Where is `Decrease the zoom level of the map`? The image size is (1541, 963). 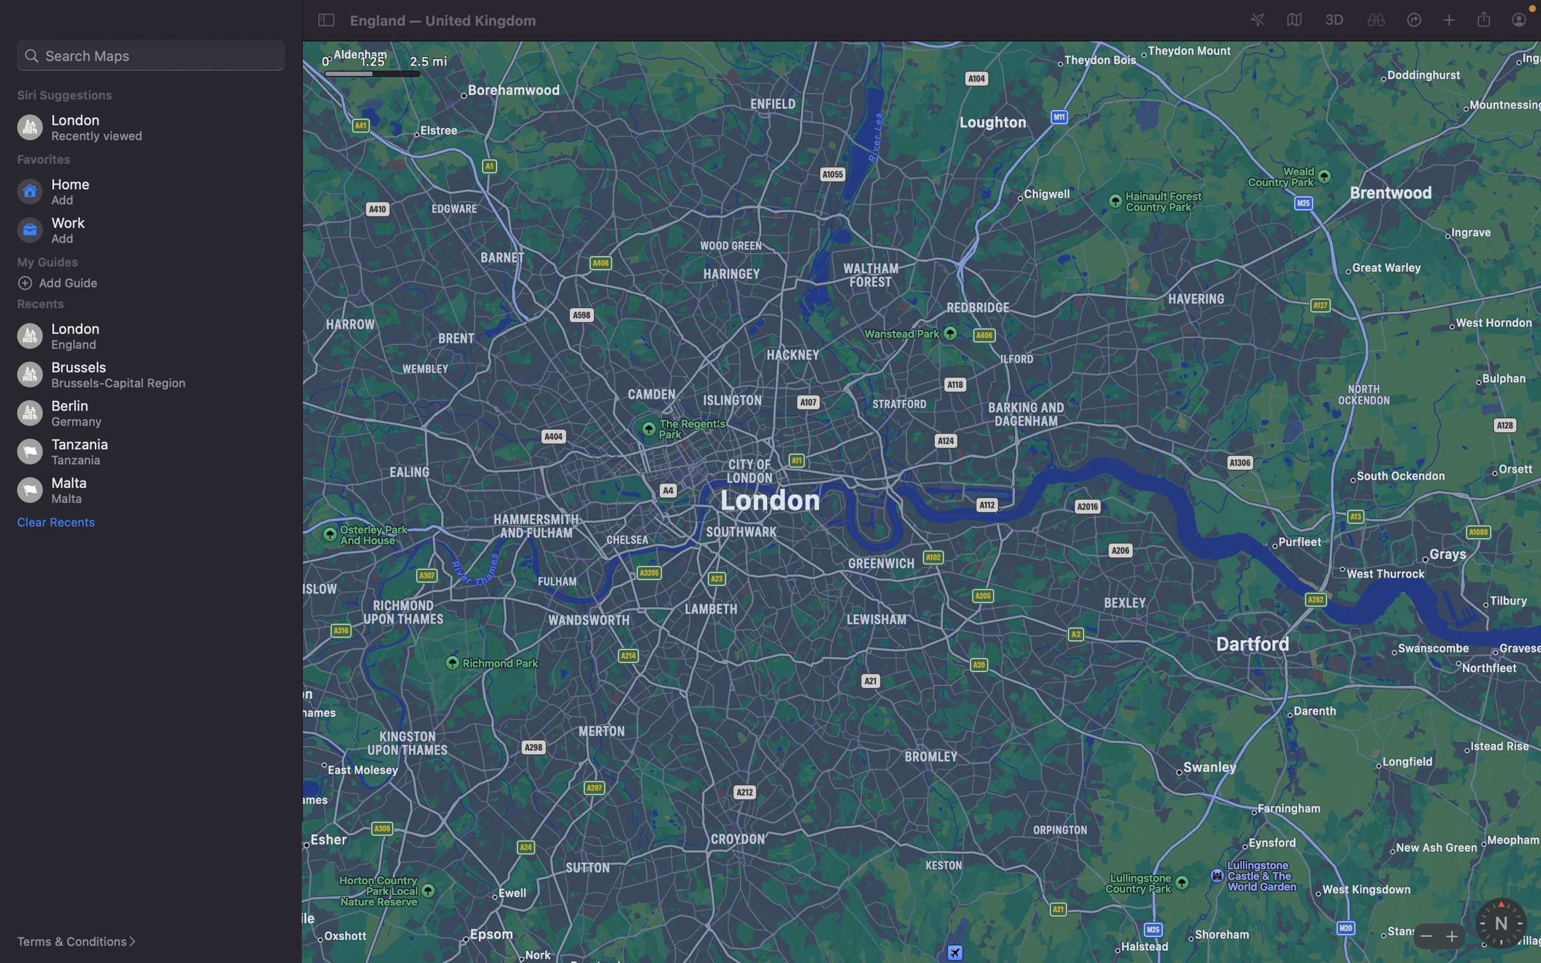
Decrease the zoom level of the map is located at coordinates (1424, 935).